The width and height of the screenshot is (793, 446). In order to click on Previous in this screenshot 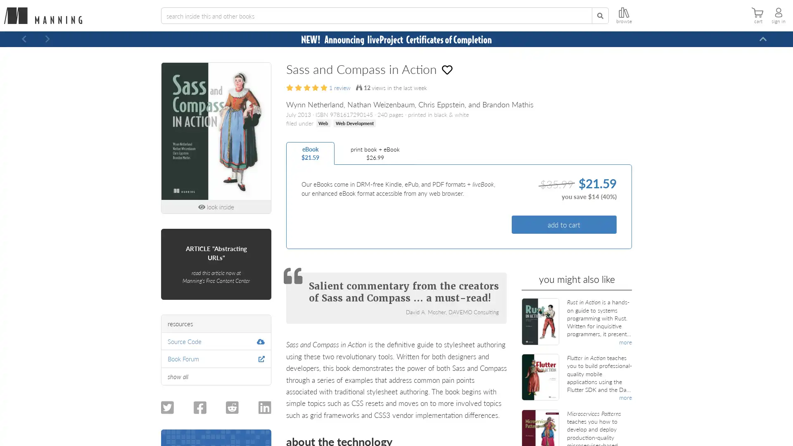, I will do `click(24, 39)`.